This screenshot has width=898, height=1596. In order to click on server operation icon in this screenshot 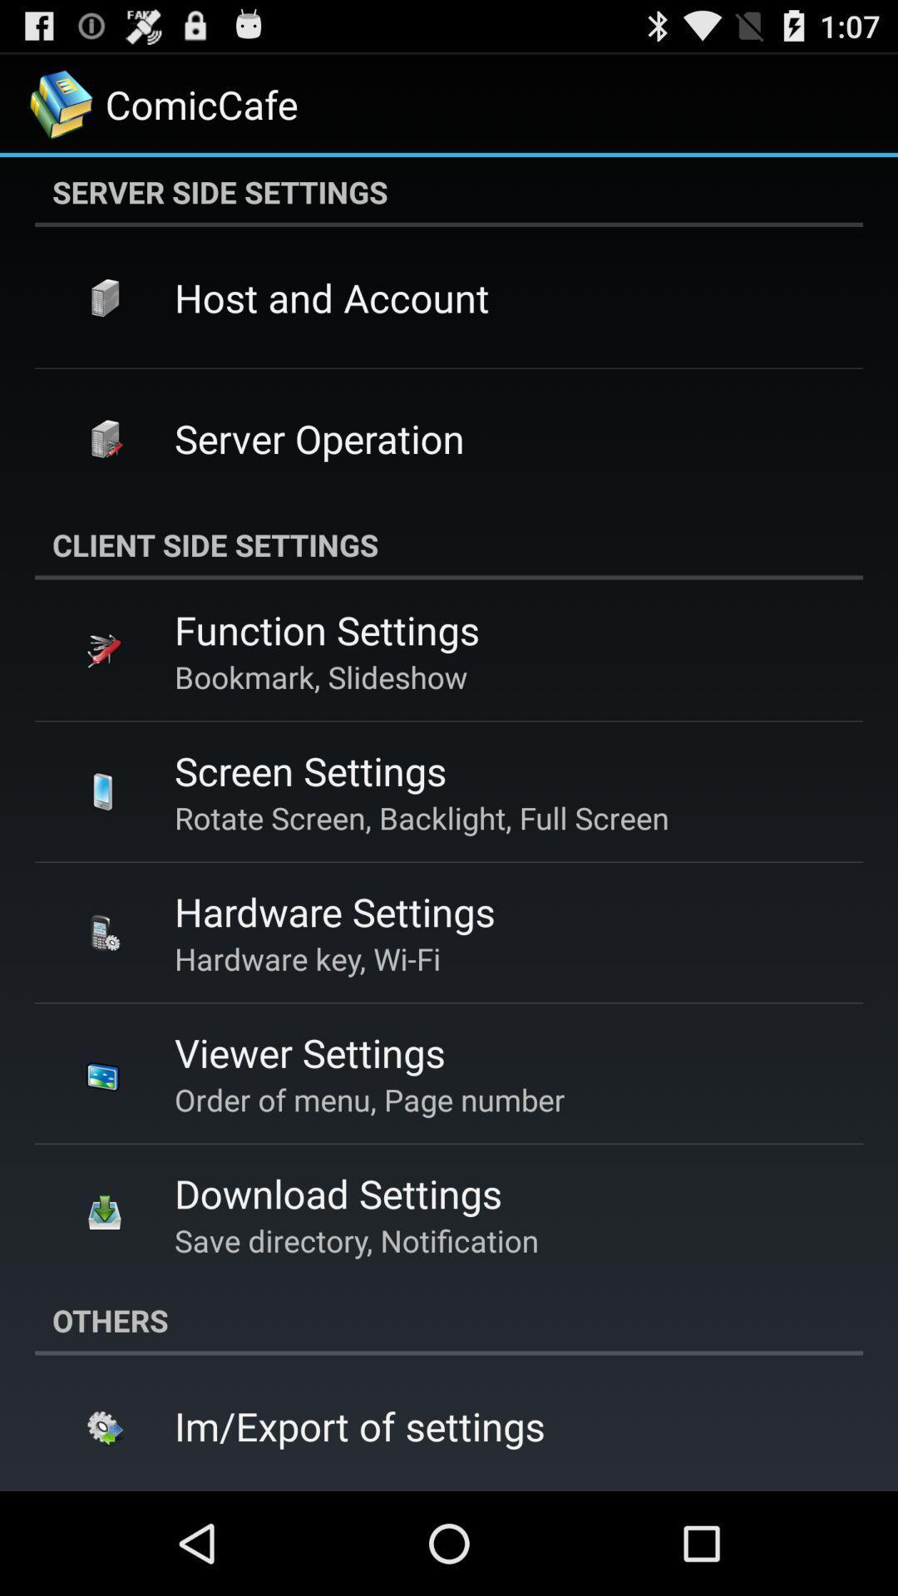, I will do `click(319, 438)`.